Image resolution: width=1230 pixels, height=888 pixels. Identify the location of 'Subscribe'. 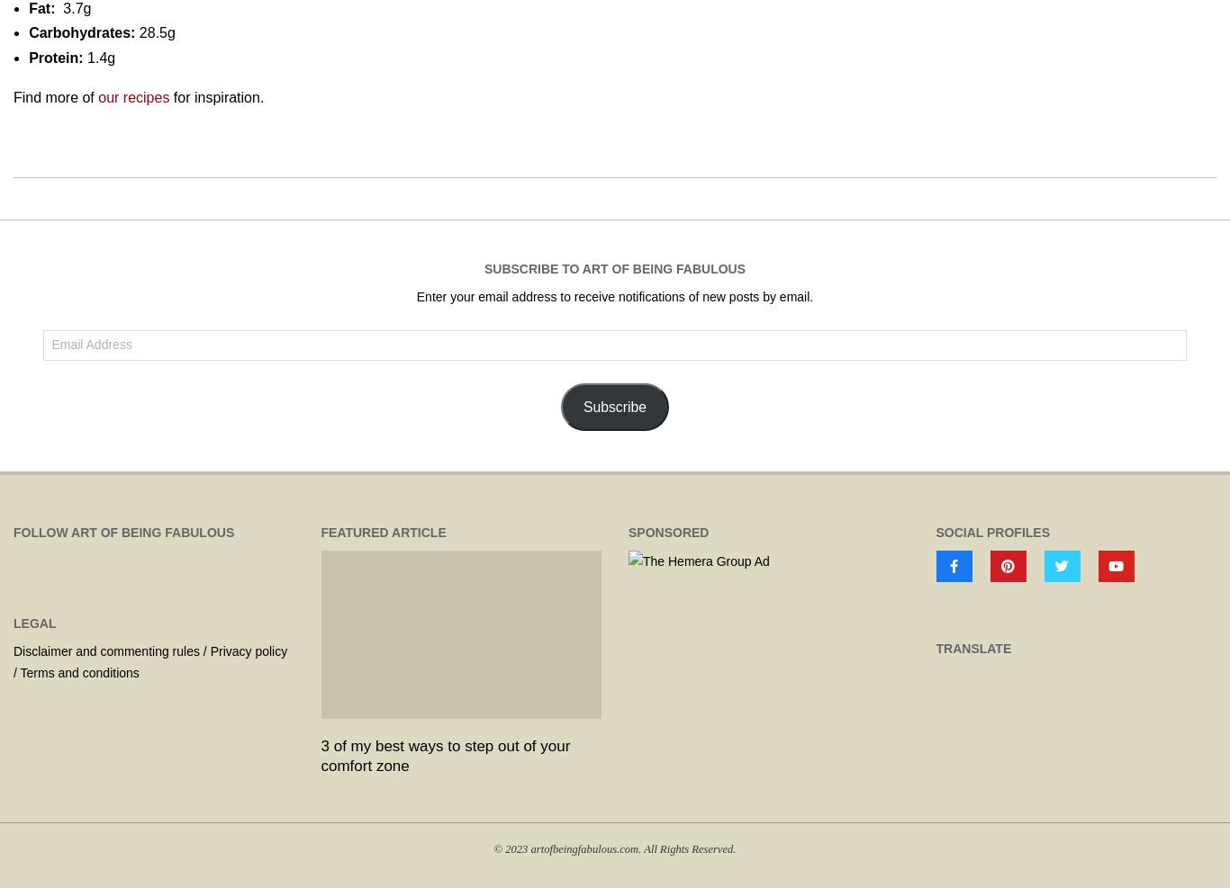
(613, 405).